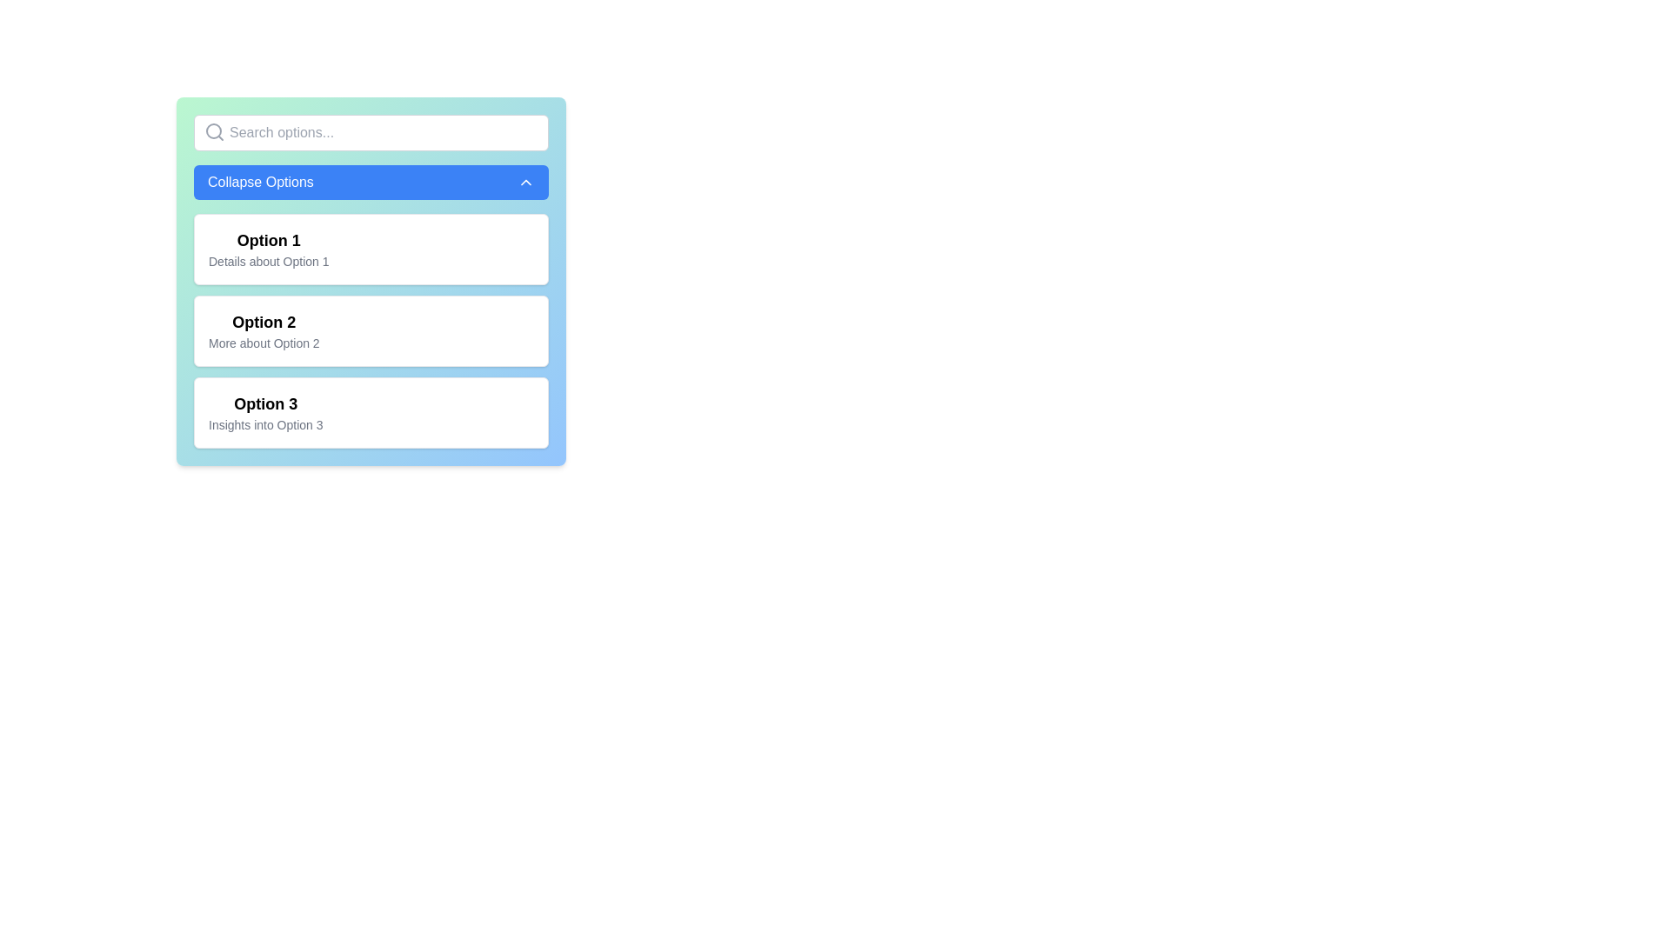 The image size is (1670, 939). What do you see at coordinates (371, 182) in the screenshot?
I see `the toggle button located below the search bar` at bounding box center [371, 182].